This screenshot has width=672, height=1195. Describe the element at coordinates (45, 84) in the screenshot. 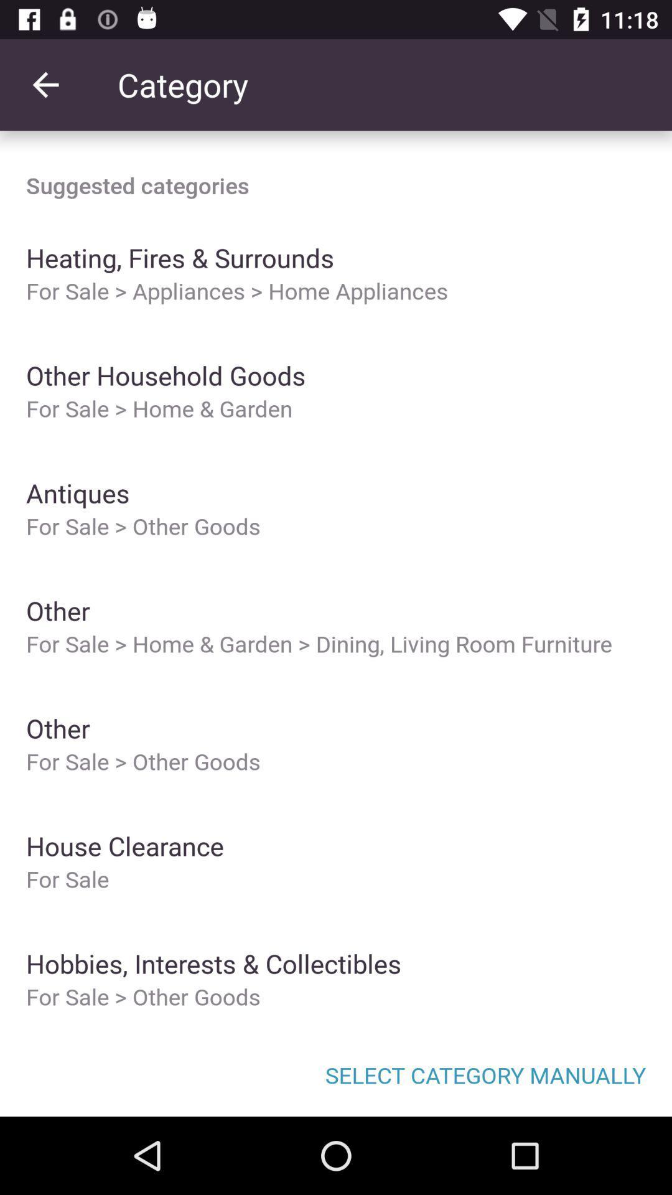

I see `the item above the suggested categories item` at that location.